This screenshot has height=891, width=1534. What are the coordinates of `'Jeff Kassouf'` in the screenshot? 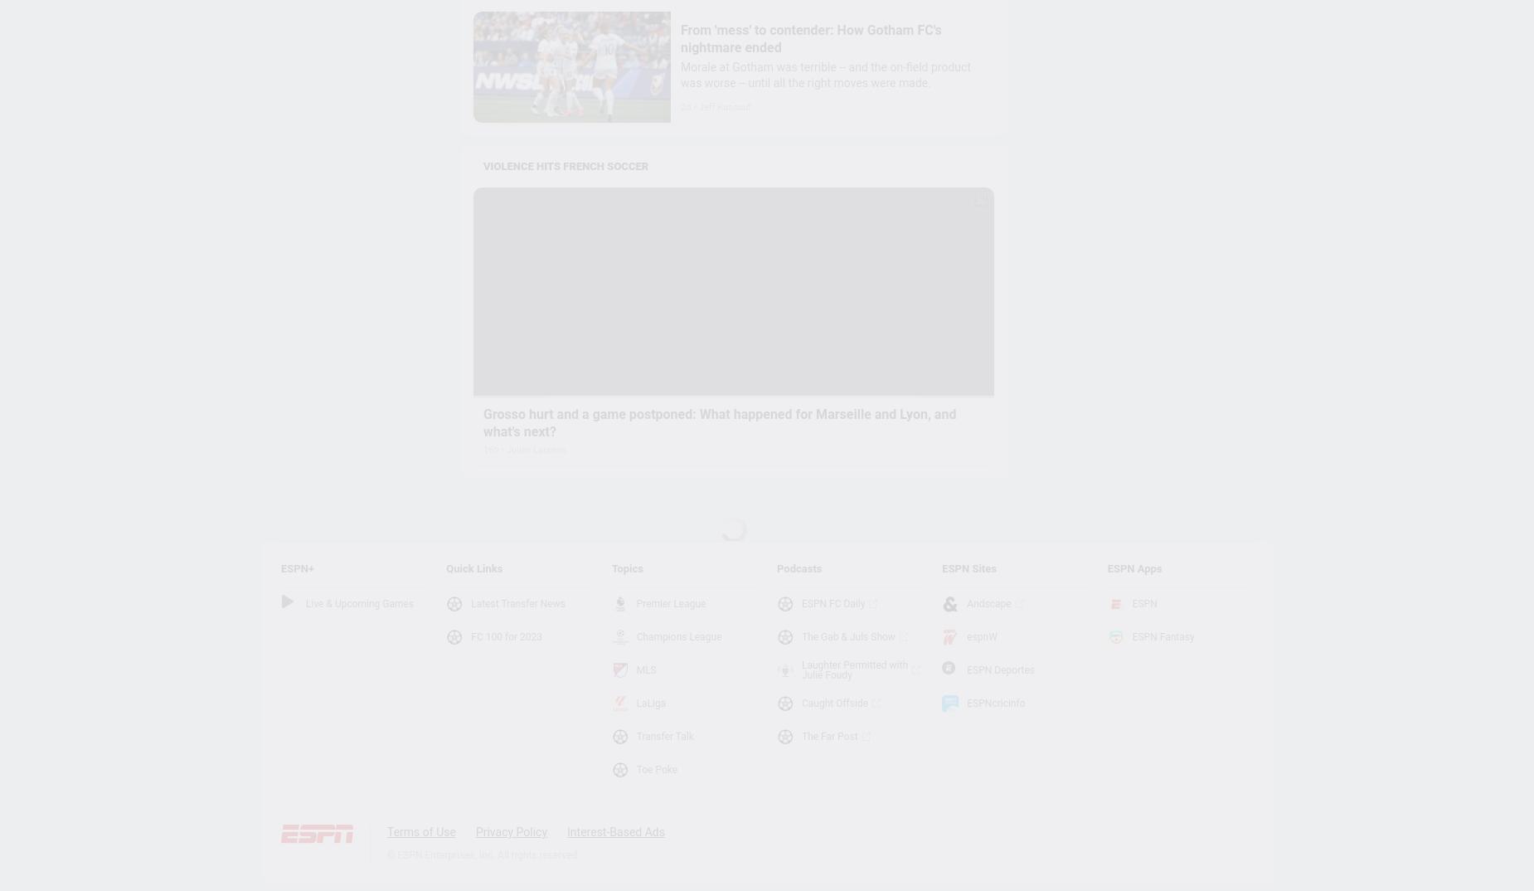 It's located at (699, 106).